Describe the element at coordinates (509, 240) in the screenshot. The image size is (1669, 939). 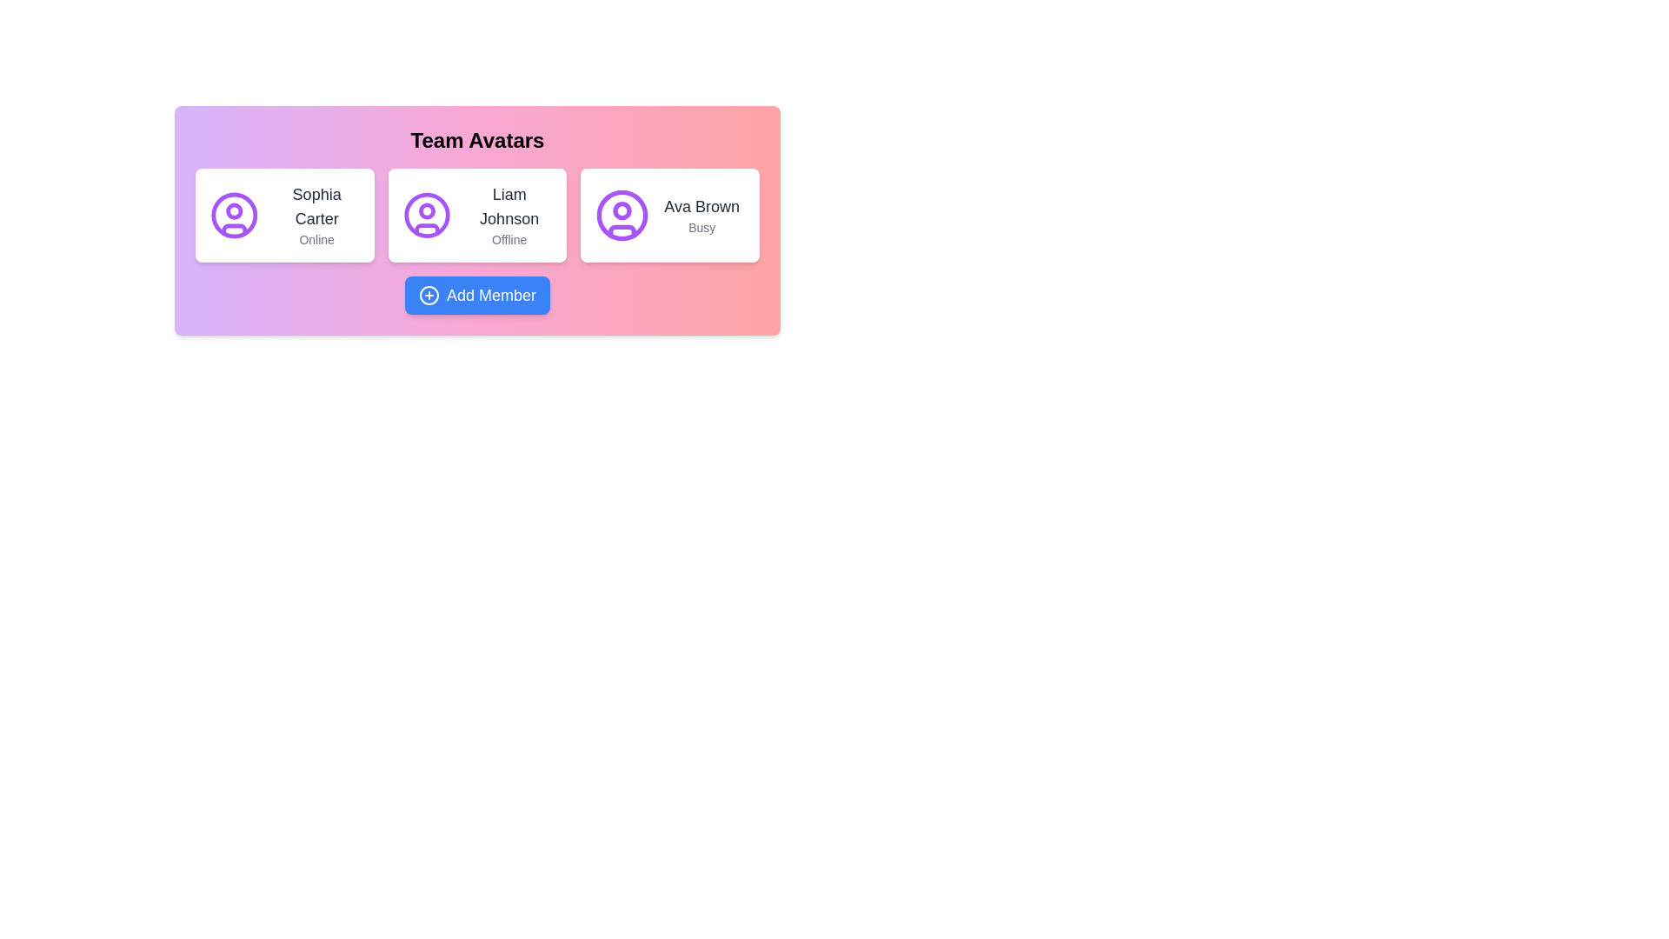
I see `text label displaying 'Offline' in gray font that is located beneath 'Liam Johnson' in the middle card of the layout` at that location.